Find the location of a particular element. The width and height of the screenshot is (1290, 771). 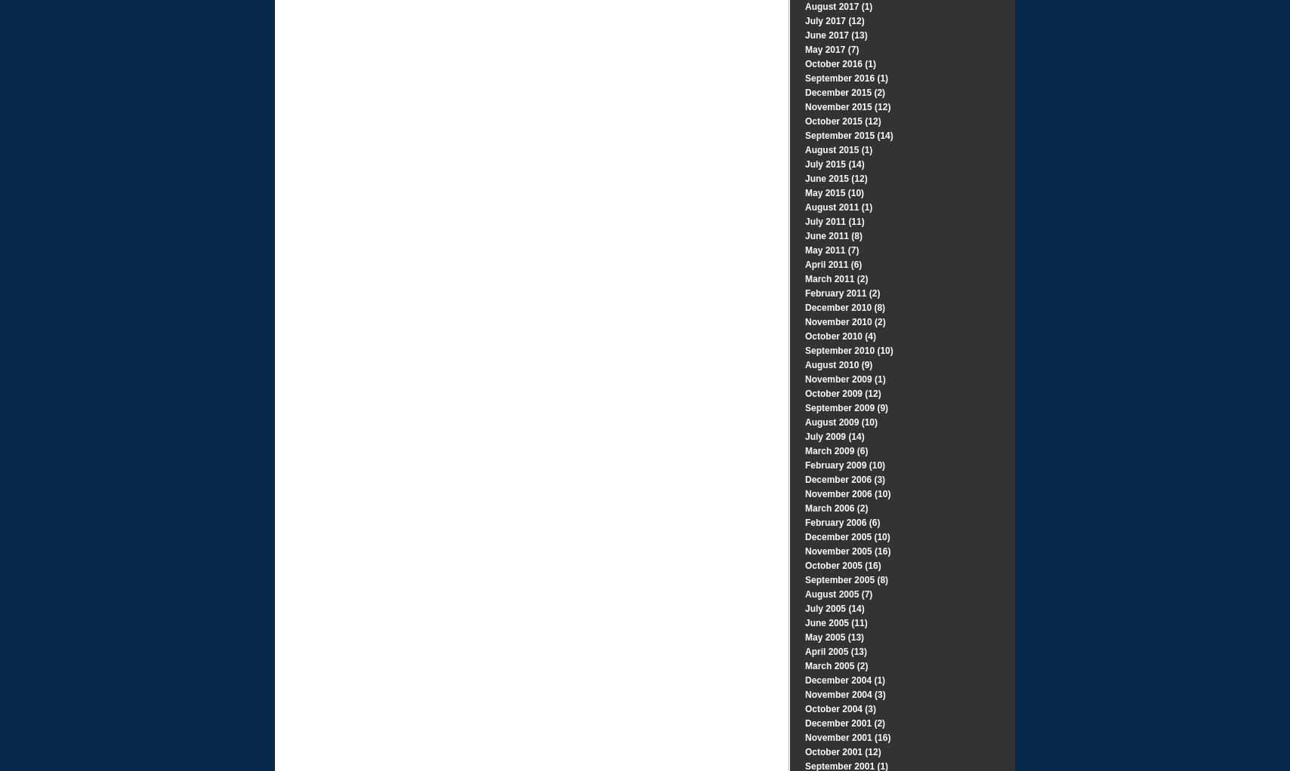

'December 2001 (2)' is located at coordinates (804, 723).